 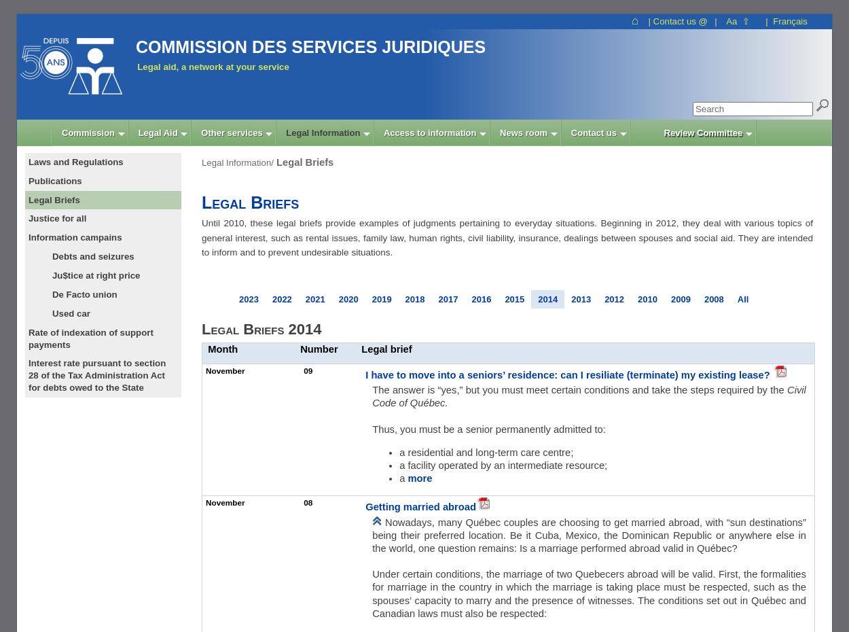 What do you see at coordinates (419, 477) in the screenshot?
I see `'more'` at bounding box center [419, 477].